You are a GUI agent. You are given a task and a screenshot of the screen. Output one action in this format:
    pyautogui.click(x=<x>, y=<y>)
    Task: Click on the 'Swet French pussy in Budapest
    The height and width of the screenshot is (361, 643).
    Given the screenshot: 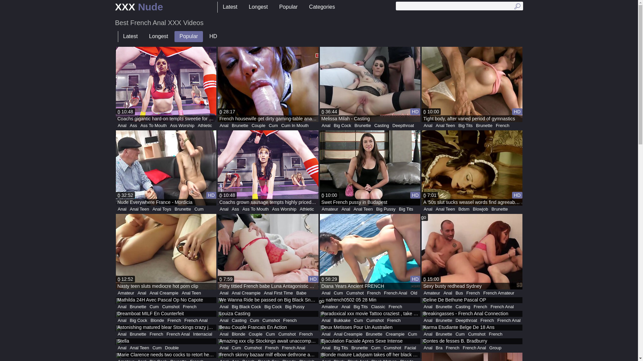 What is the action you would take?
    pyautogui.click(x=369, y=167)
    